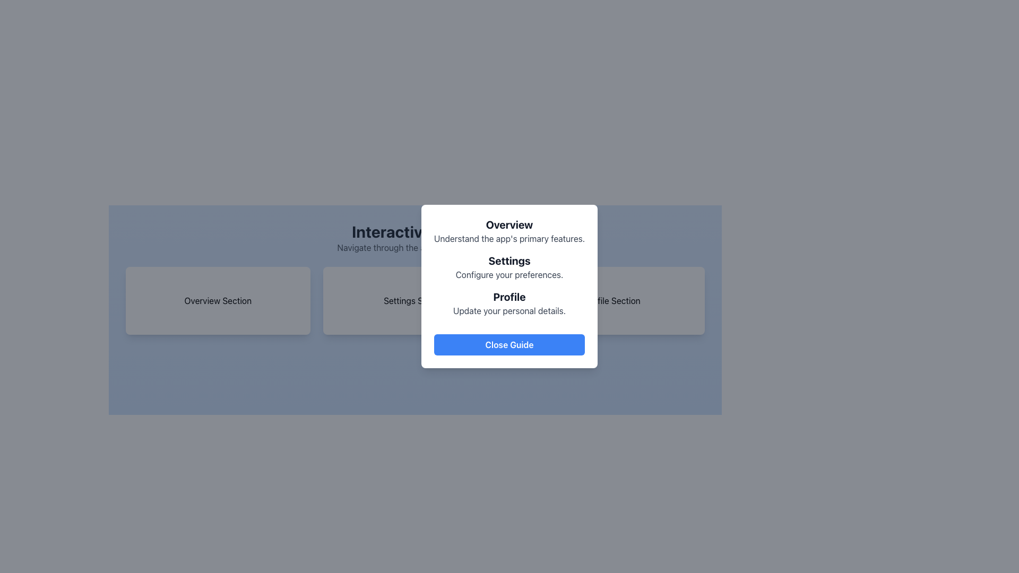 The width and height of the screenshot is (1019, 573). I want to click on the 'Settings' text display element, which features a bold heading, so click(509, 267).